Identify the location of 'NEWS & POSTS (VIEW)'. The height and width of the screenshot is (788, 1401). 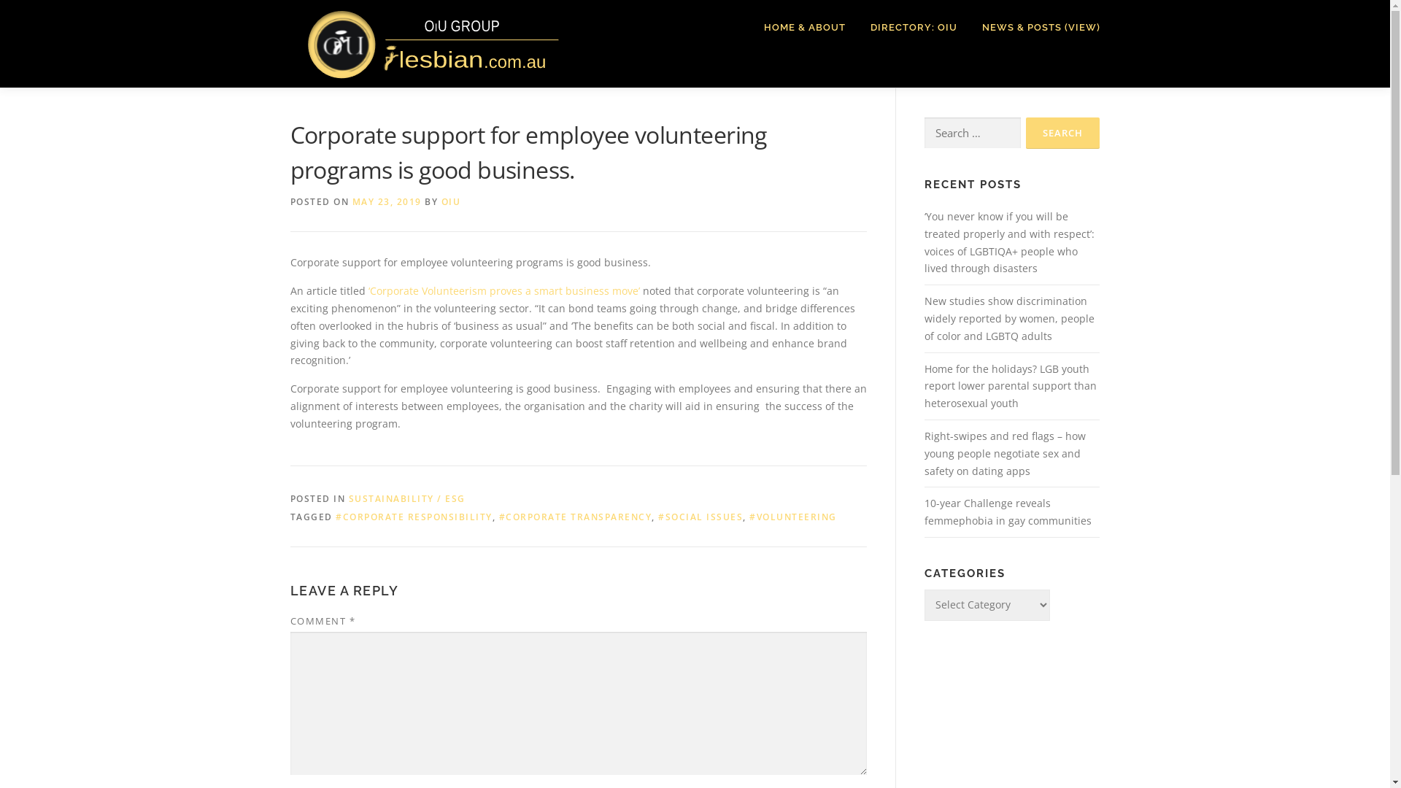
(969, 27).